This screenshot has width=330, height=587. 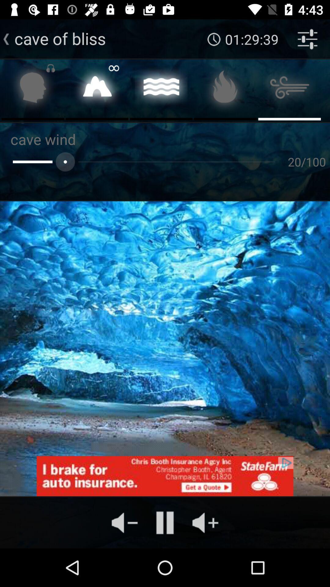 I want to click on activate wind, so click(x=289, y=89).